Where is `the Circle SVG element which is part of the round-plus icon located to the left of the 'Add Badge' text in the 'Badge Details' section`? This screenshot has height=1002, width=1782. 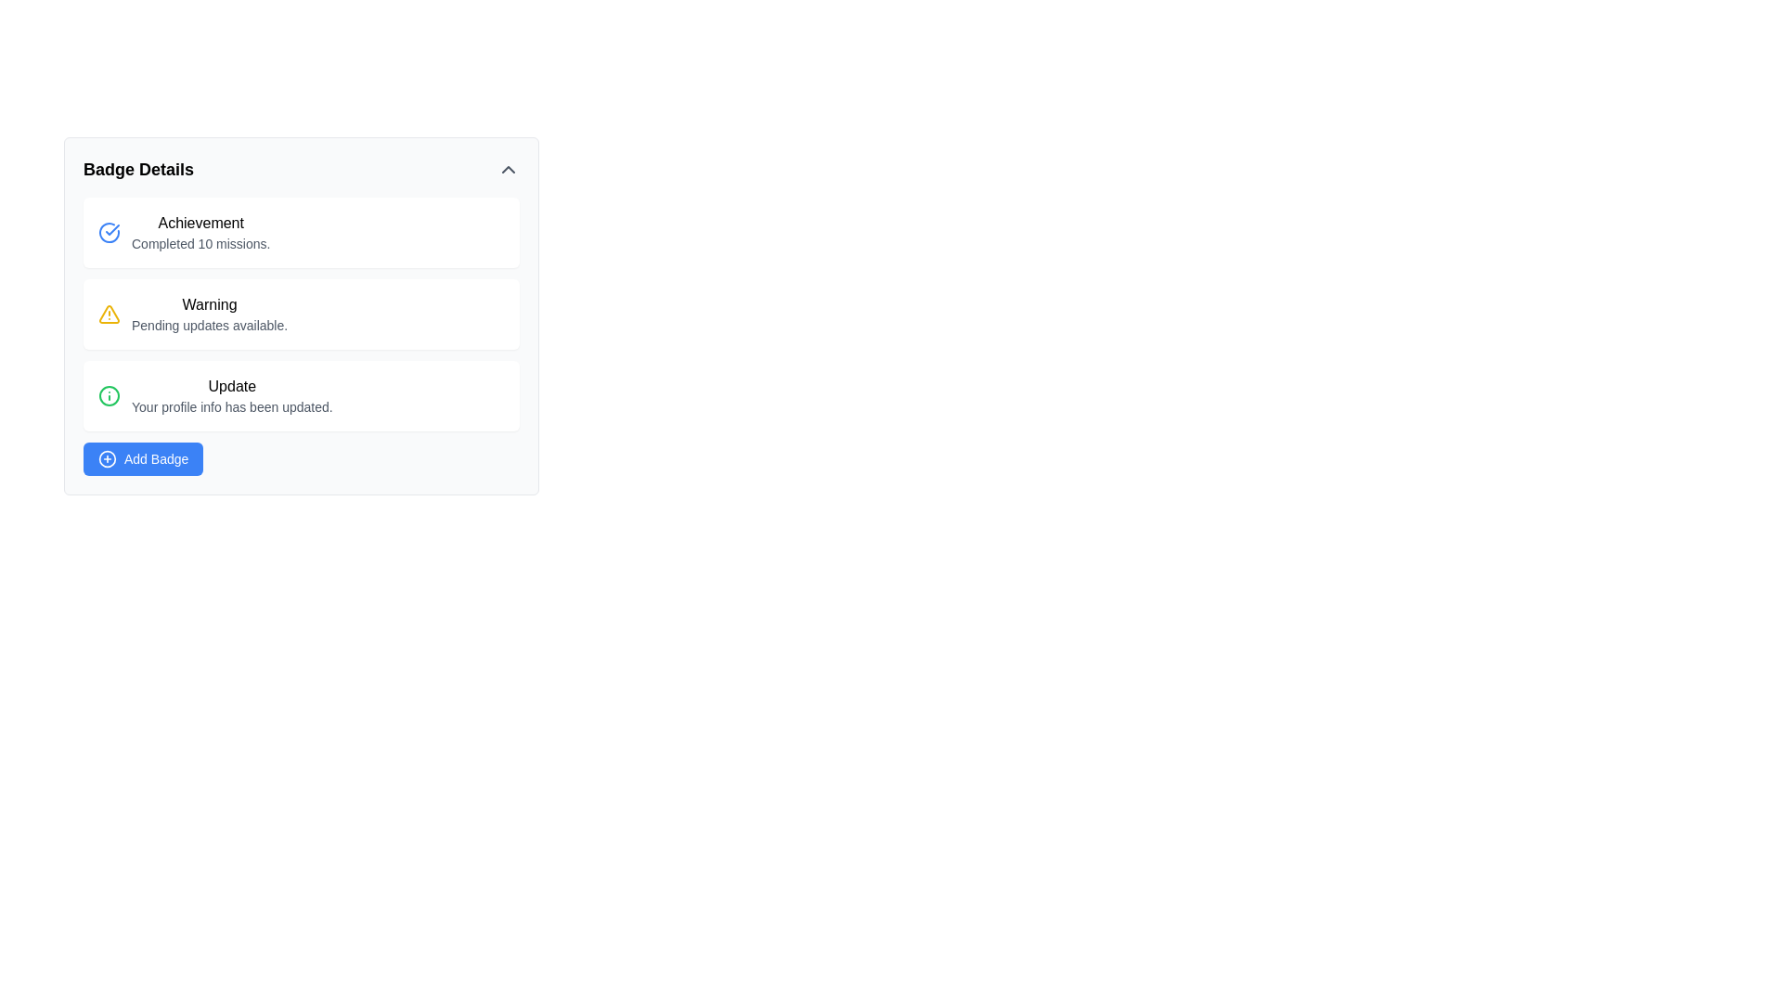
the Circle SVG element which is part of the round-plus icon located to the left of the 'Add Badge' text in the 'Badge Details' section is located at coordinates (106, 458).